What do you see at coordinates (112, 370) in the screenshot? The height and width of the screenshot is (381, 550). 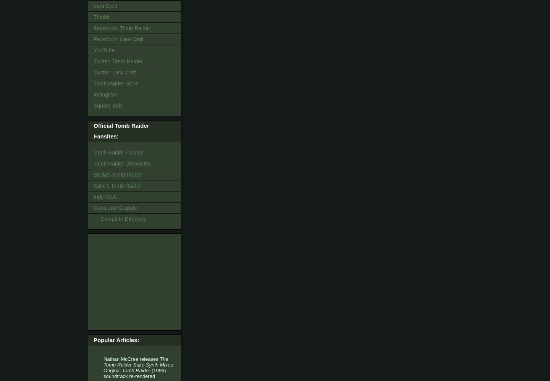 I see `'Original'` at bounding box center [112, 370].